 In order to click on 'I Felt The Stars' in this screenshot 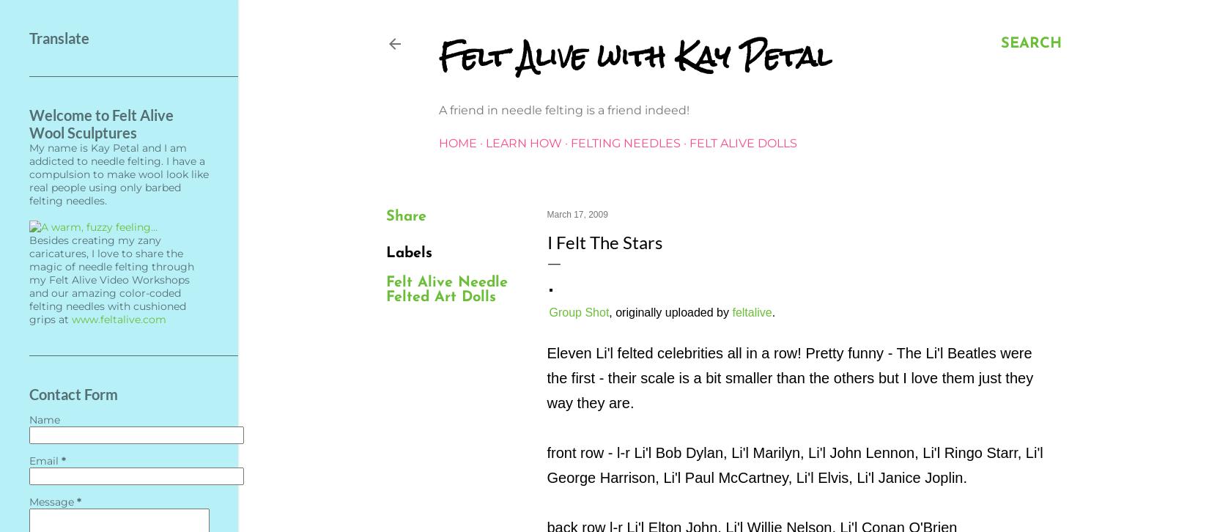, I will do `click(545, 241)`.